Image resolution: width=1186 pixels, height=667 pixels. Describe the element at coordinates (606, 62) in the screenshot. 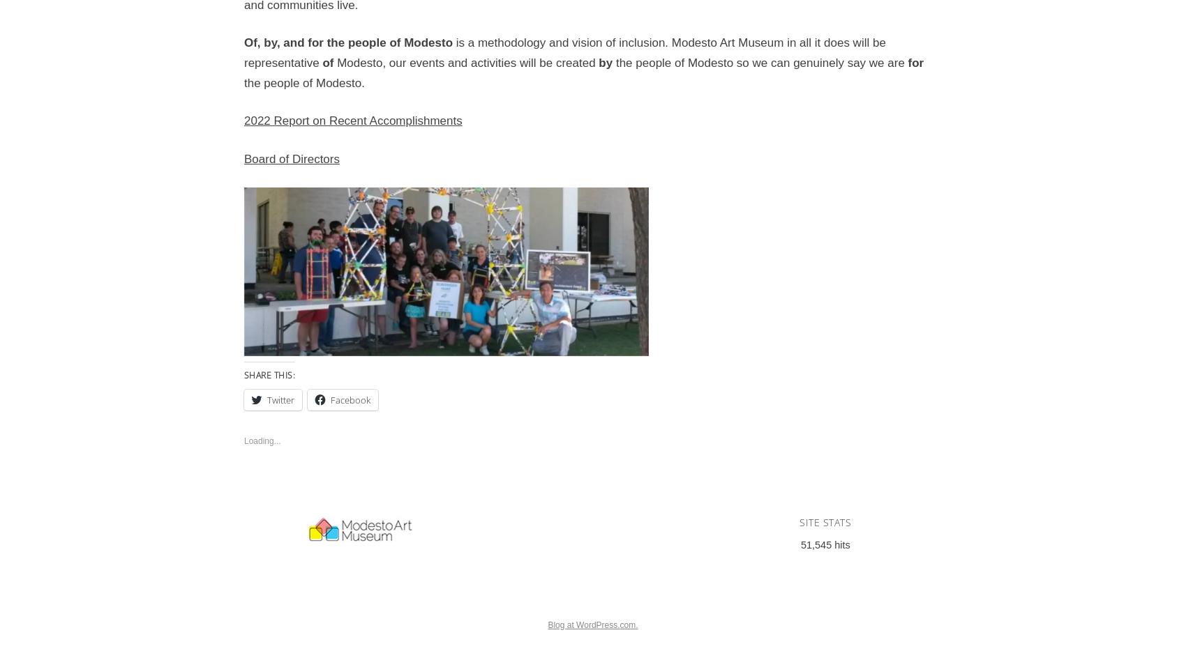

I see `'by'` at that location.